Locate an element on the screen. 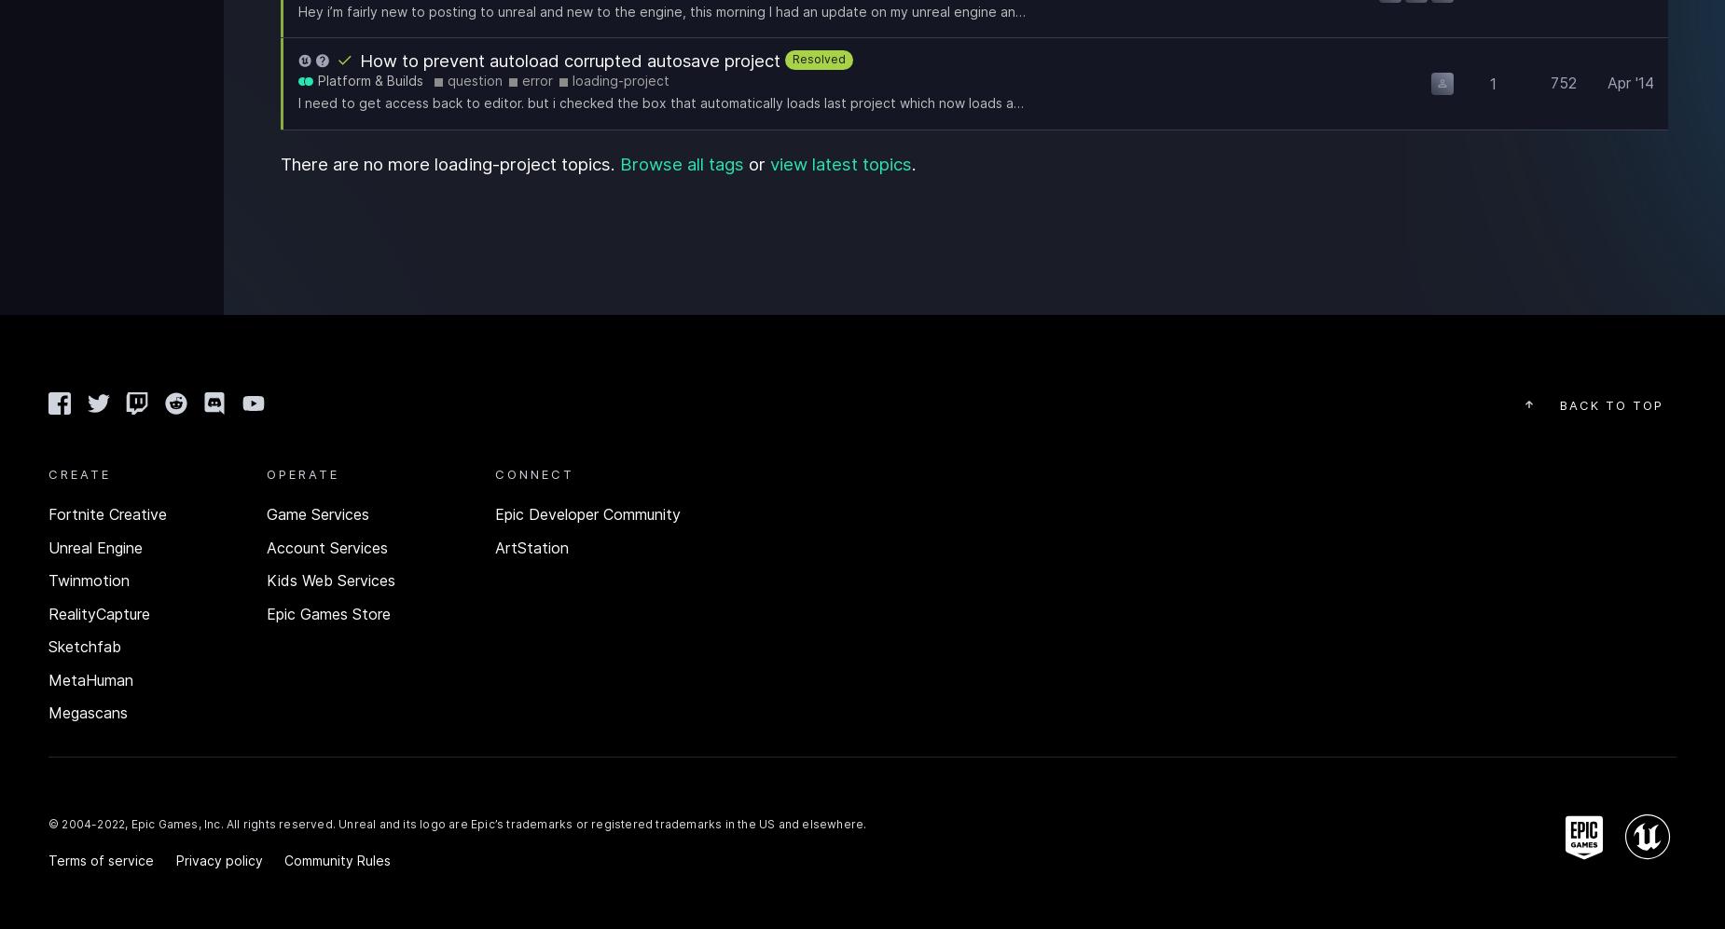  'ArtStation' is located at coordinates (531, 547).